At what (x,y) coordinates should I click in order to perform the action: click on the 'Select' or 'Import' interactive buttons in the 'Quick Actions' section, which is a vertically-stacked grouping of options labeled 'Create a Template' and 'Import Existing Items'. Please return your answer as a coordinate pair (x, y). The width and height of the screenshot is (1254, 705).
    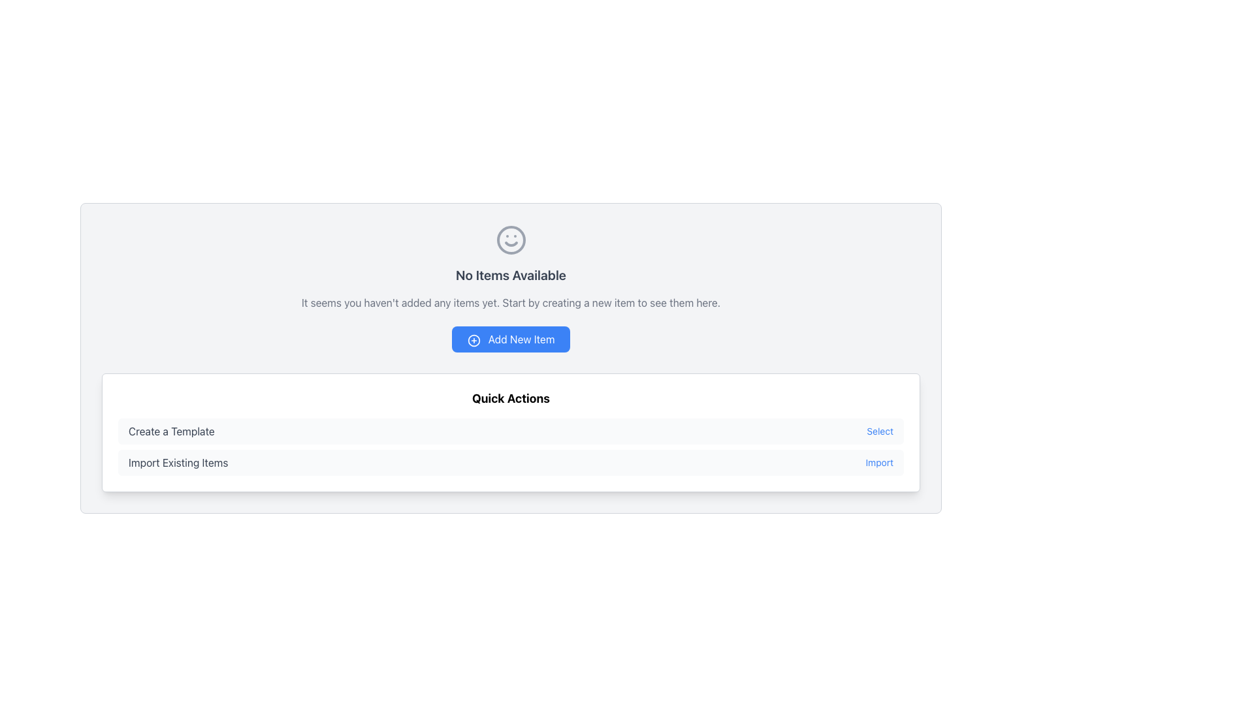
    Looking at the image, I should click on (510, 446).